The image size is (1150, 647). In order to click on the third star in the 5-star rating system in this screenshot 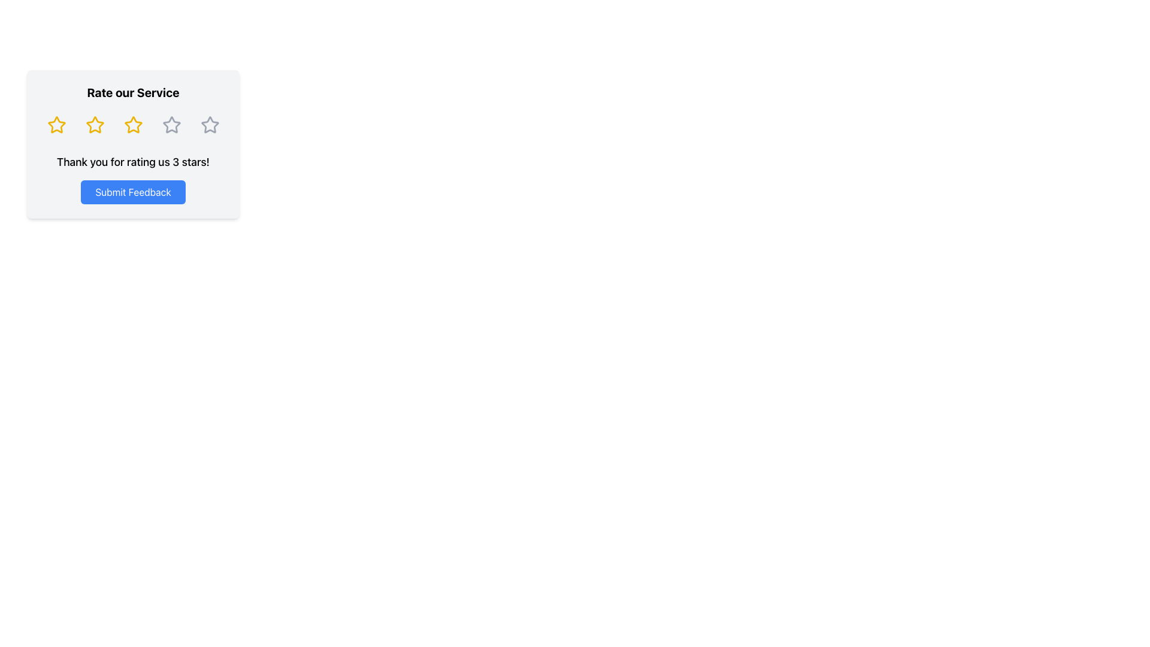, I will do `click(133, 125)`.